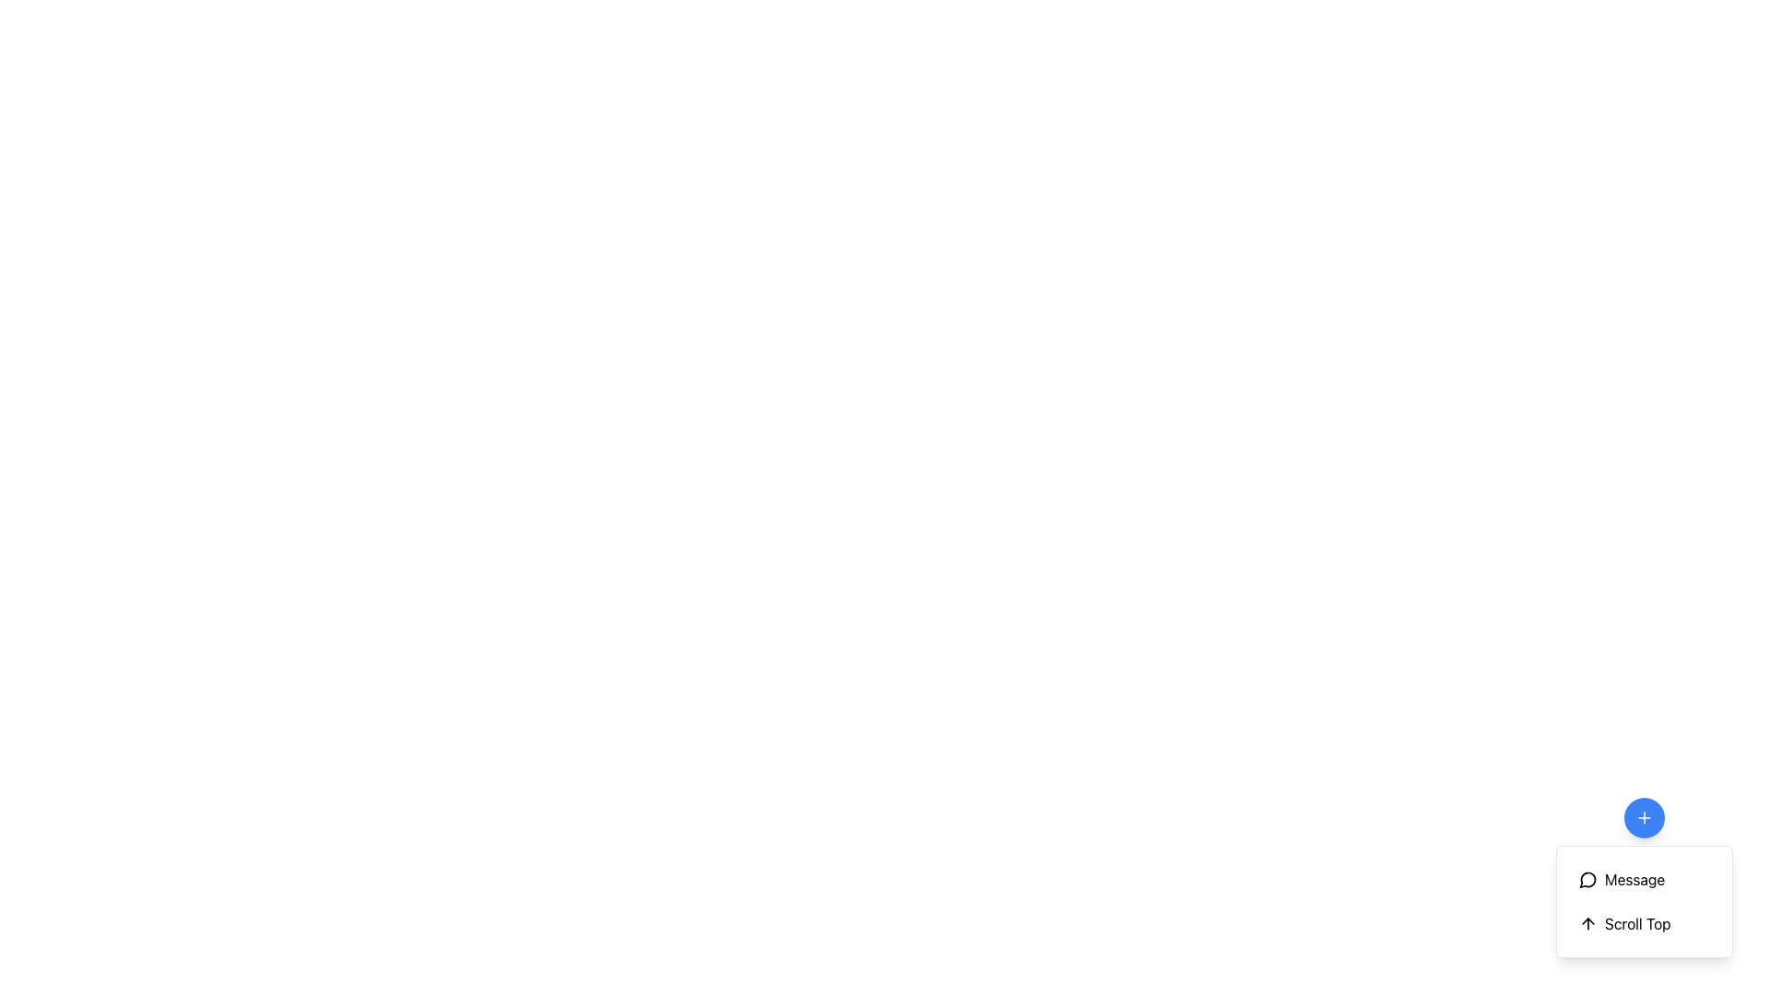 This screenshot has width=1770, height=995. What do you see at coordinates (1645, 923) in the screenshot?
I see `the 'Scroll to Top' button located in the dropdown panel below the 'Message' button` at bounding box center [1645, 923].